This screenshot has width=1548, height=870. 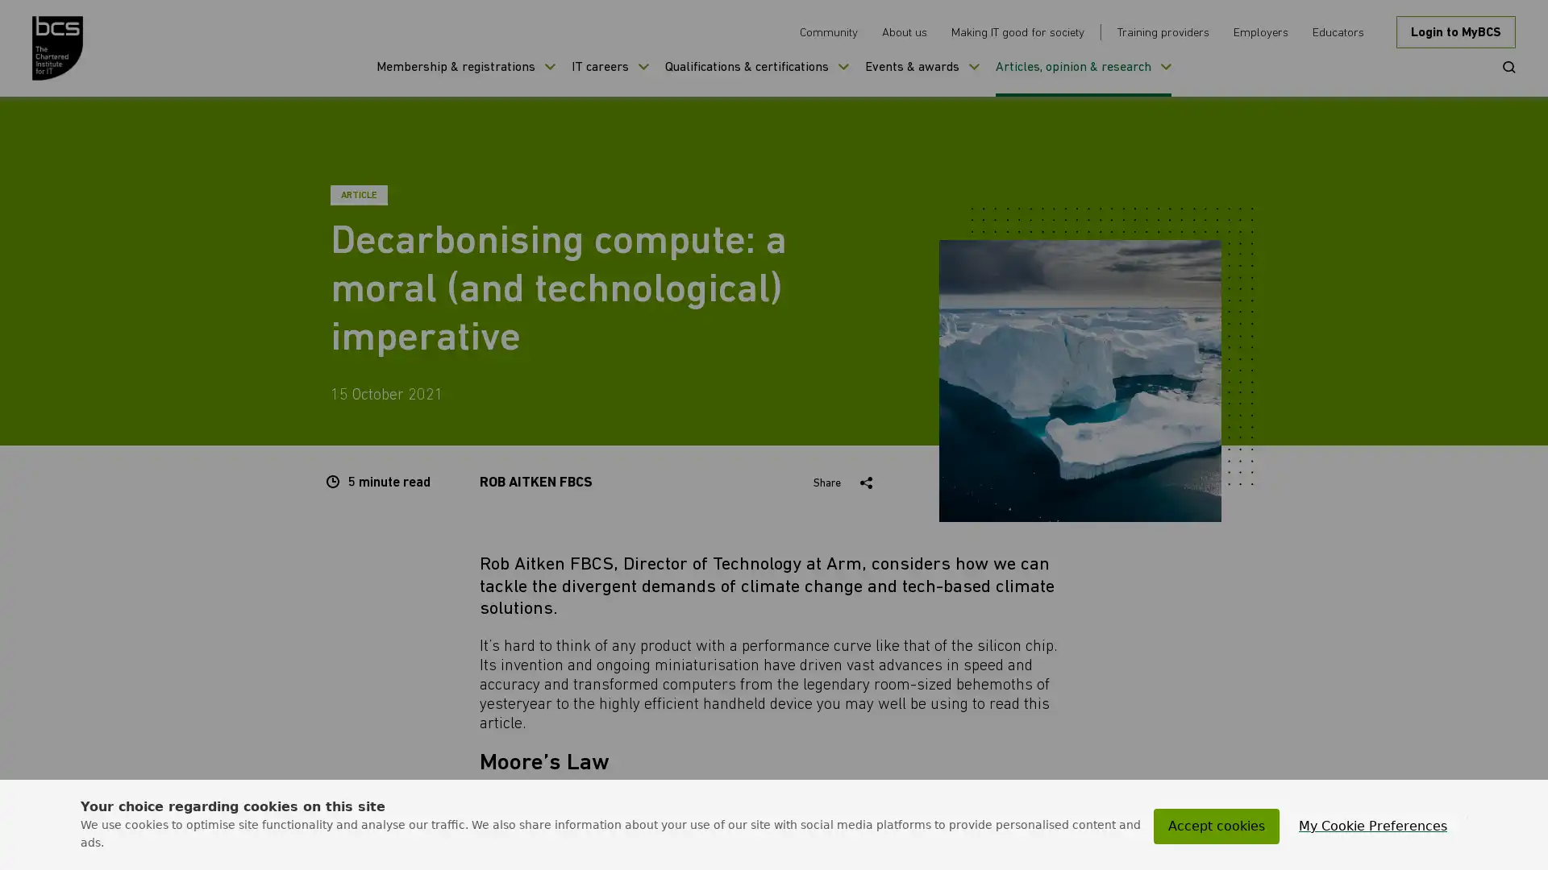 What do you see at coordinates (610, 77) in the screenshot?
I see `IT careers` at bounding box center [610, 77].